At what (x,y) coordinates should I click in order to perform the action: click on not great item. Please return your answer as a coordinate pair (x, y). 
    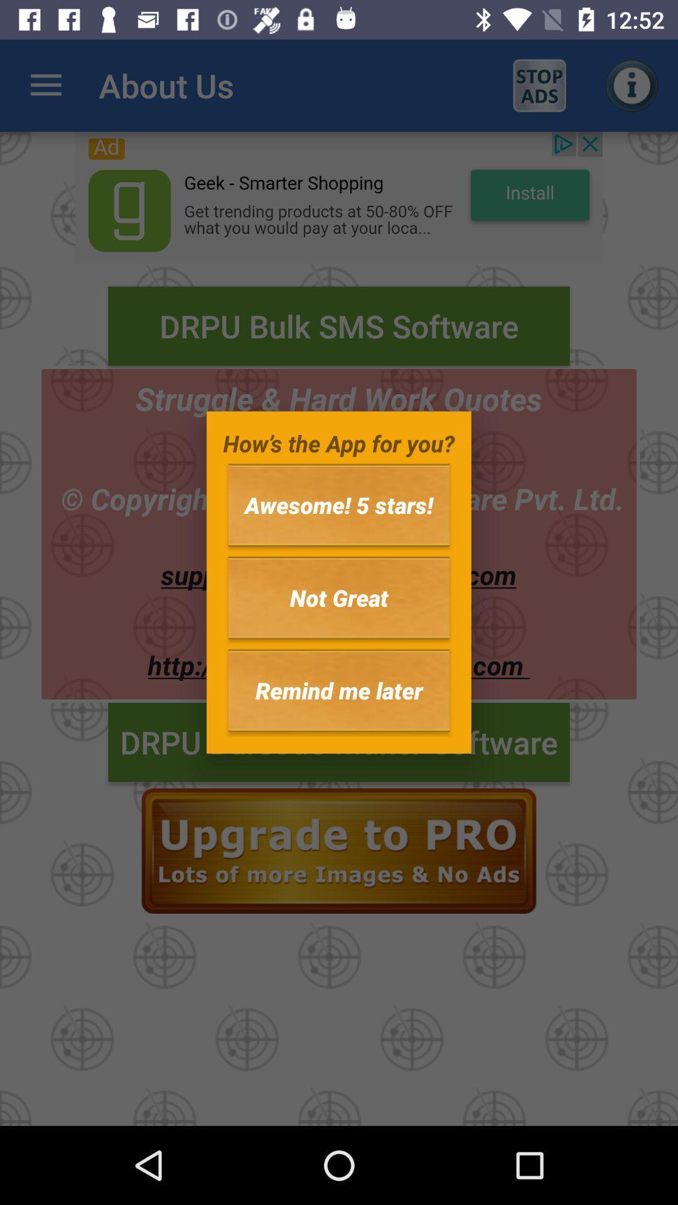
    Looking at the image, I should click on (339, 597).